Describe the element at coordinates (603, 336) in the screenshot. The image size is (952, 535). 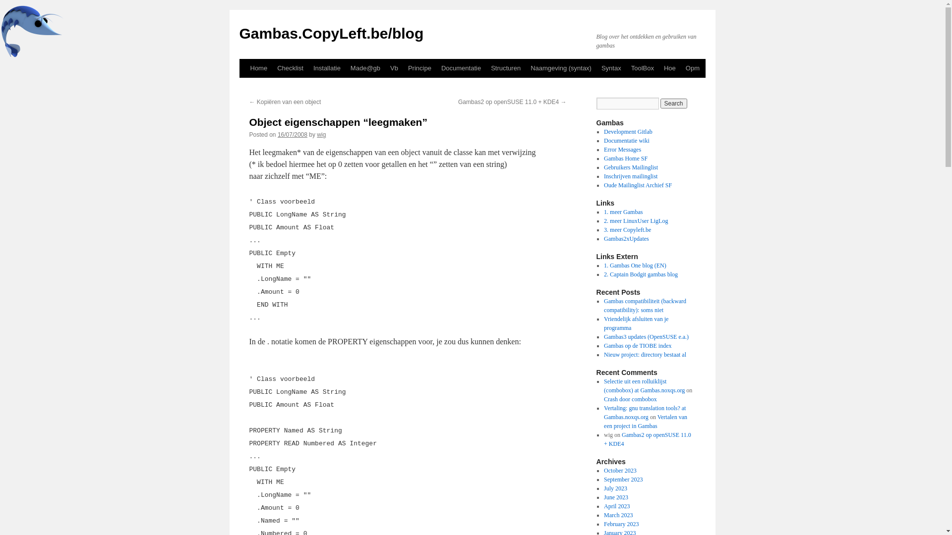
I see `'Gambas3 updates (OpenSUSE e.a.)'` at that location.